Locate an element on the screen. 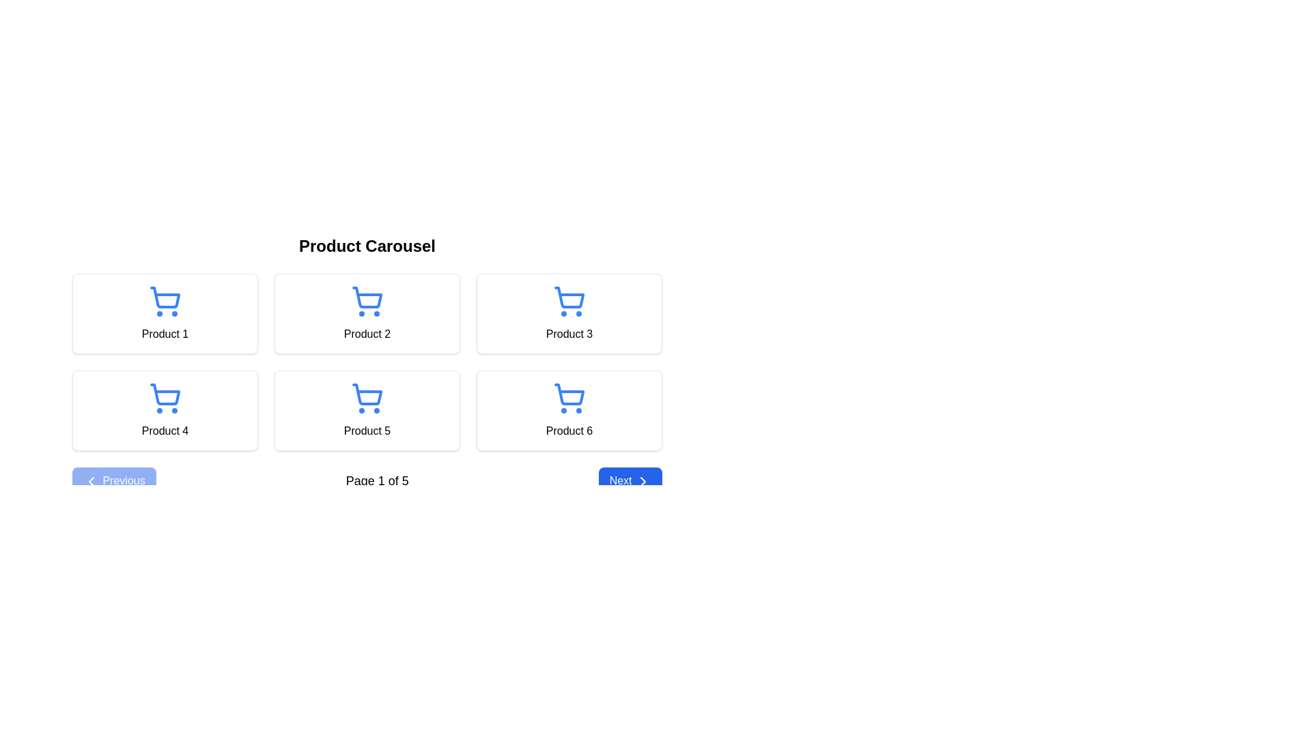 The image size is (1311, 737). the static label indicating 'Product Carousel', which is positioned directly above the product grid is located at coordinates (367, 246).